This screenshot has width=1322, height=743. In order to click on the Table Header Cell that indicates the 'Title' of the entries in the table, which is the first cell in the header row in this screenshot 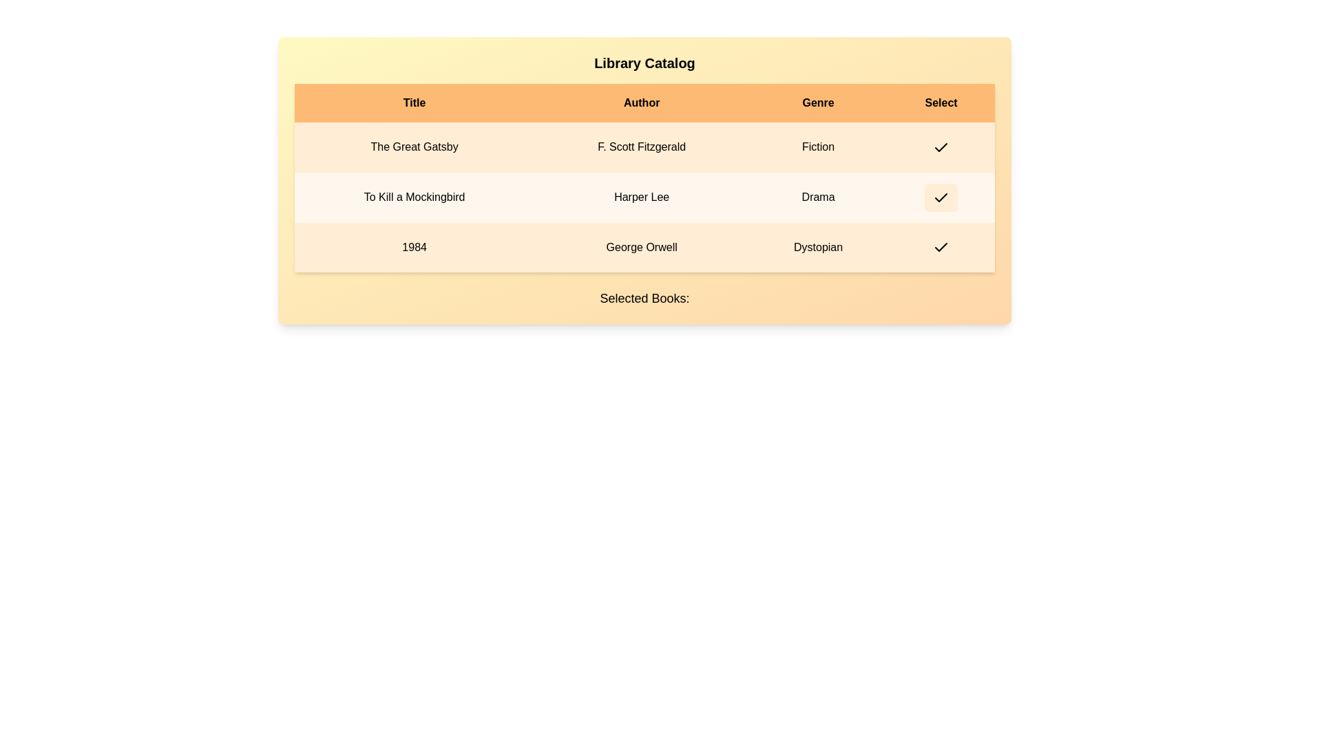, I will do `click(414, 103)`.